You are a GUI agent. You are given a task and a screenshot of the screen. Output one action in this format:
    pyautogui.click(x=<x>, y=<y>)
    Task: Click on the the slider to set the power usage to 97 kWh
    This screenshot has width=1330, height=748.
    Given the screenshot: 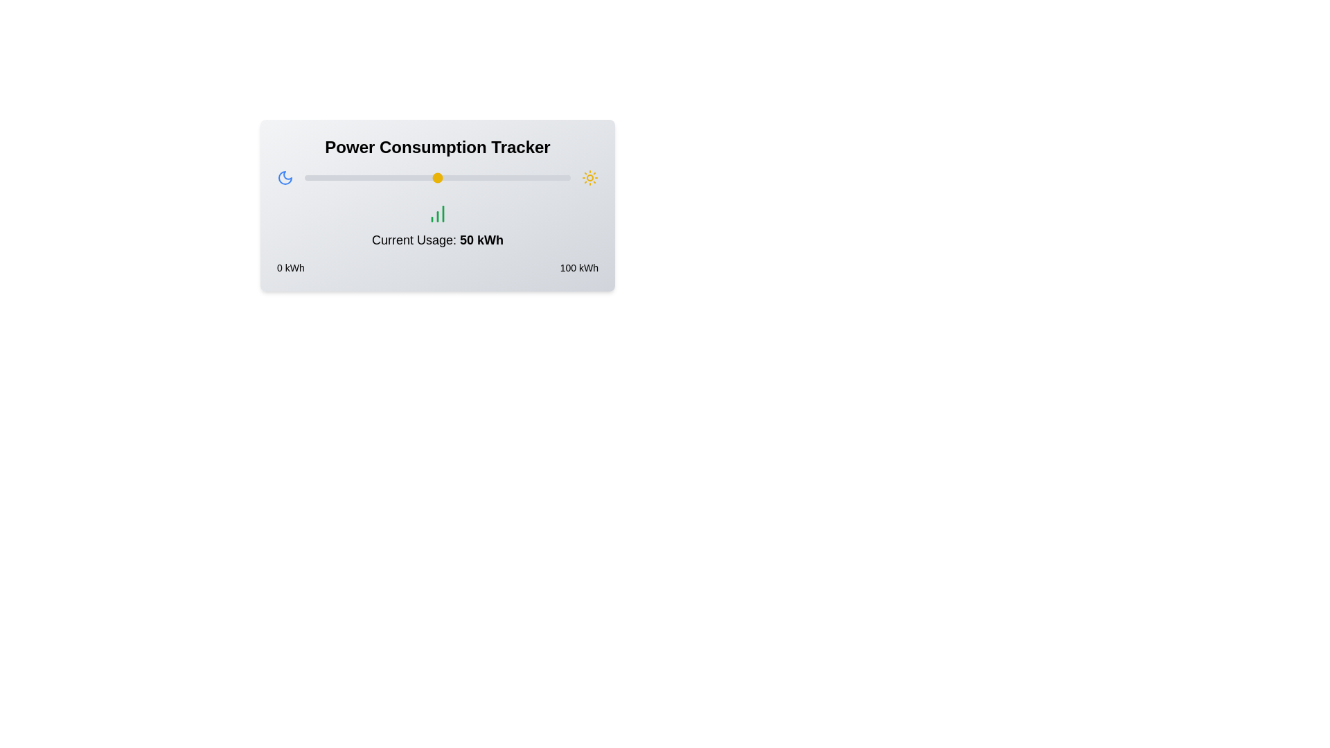 What is the action you would take?
    pyautogui.click(x=562, y=177)
    